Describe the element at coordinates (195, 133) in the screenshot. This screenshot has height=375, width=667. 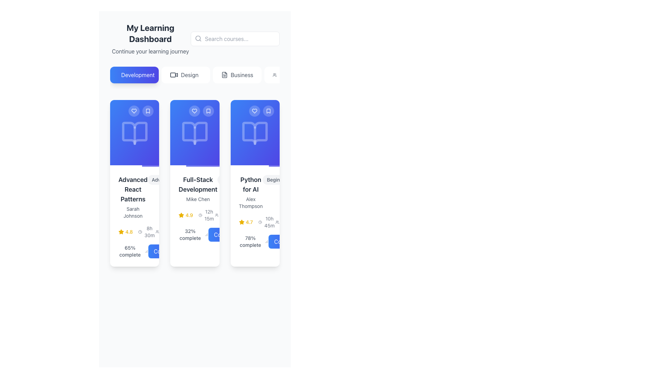
I see `the design or meaning of the open book icon located centrally within the 'Full-Stack Development' card` at that location.